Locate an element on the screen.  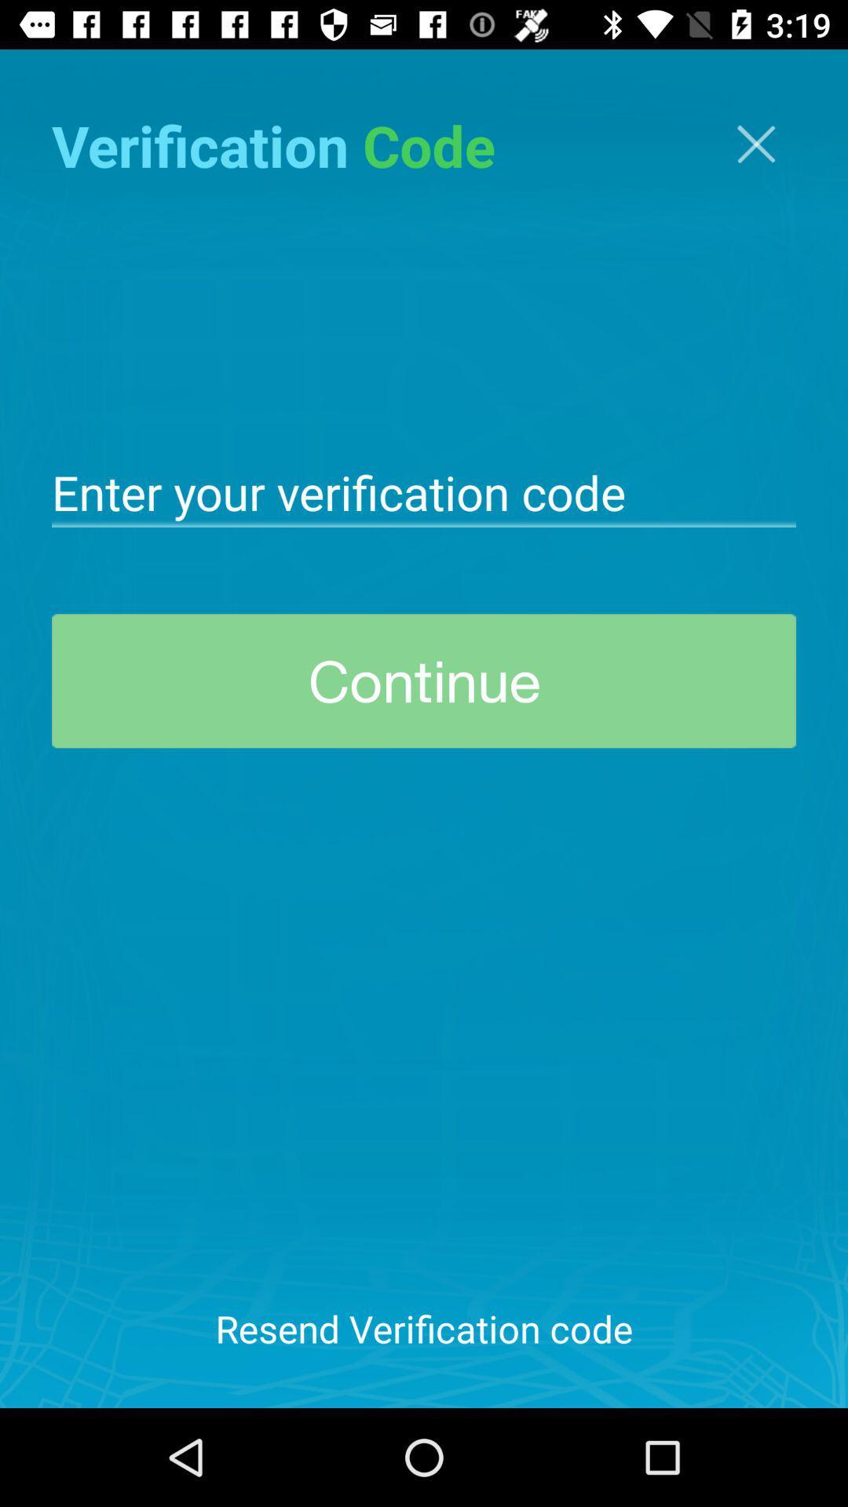
type down verification code is located at coordinates (424, 490).